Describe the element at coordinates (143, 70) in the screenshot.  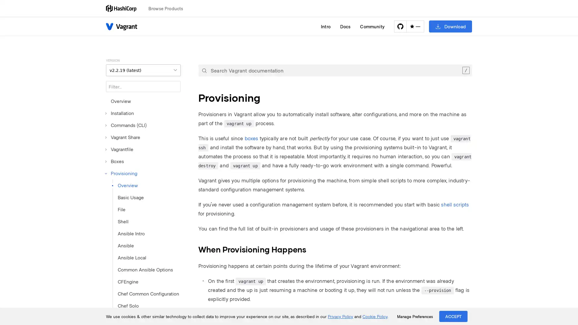
I see `VERSION` at that location.